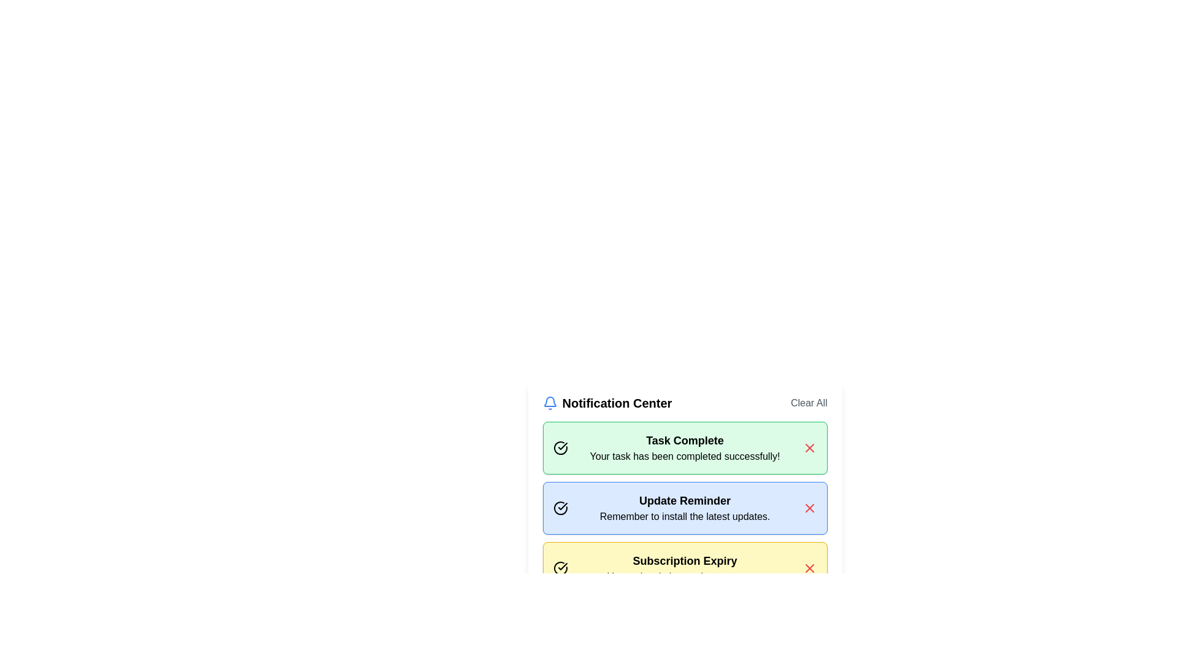 Image resolution: width=1178 pixels, height=663 pixels. I want to click on the second notification box in the Notification Center that reminds the user to install the latest updates, so click(684, 508).